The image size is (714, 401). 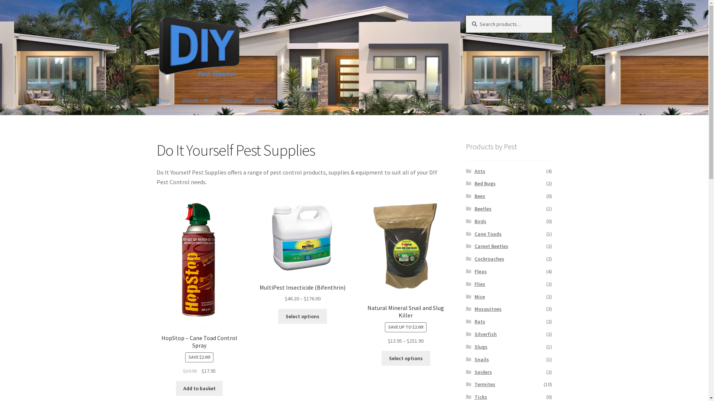 What do you see at coordinates (474, 196) in the screenshot?
I see `'Bees'` at bounding box center [474, 196].